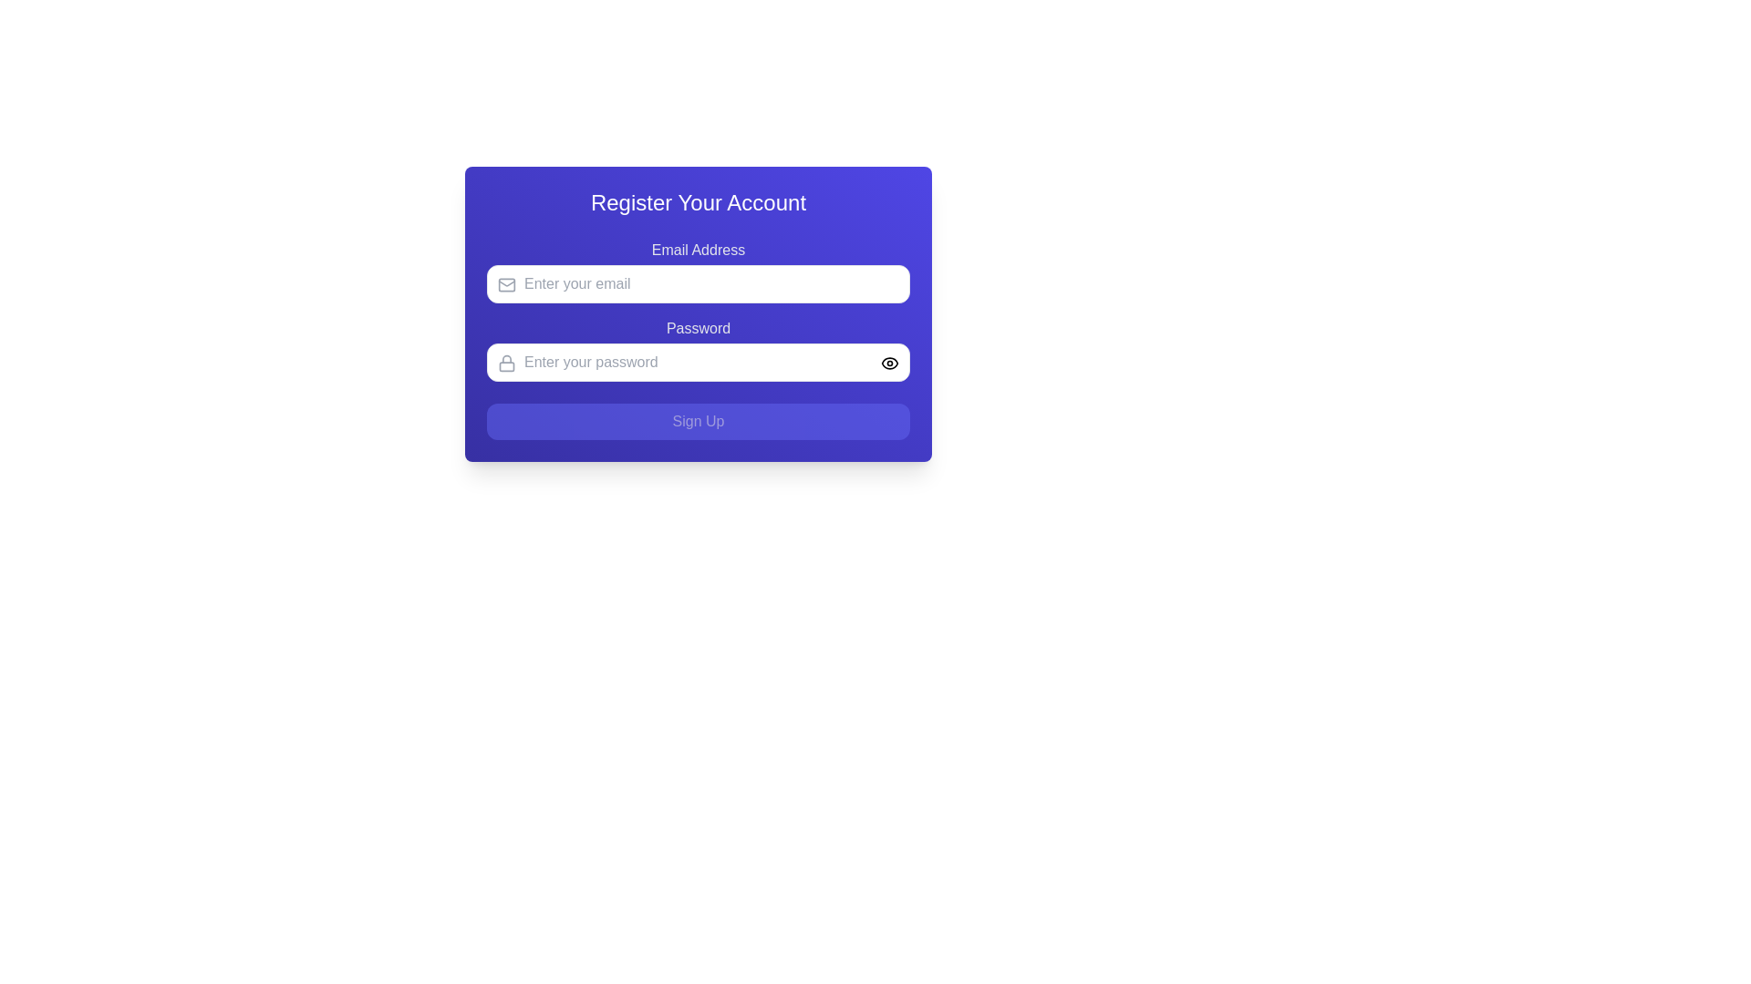  I want to click on label text 'Password' which is displayed in light gray above the password input field, to understand the purpose of the input field, so click(698, 329).